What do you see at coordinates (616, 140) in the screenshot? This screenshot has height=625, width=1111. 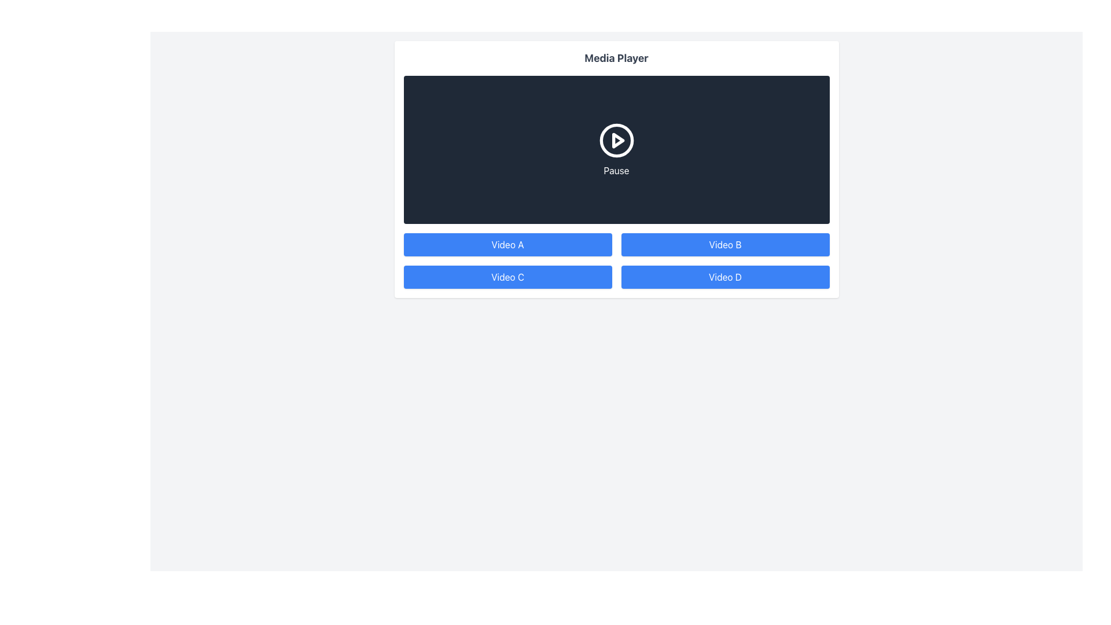 I see `the Circular Outline that frames the central play button in the media player's interface` at bounding box center [616, 140].